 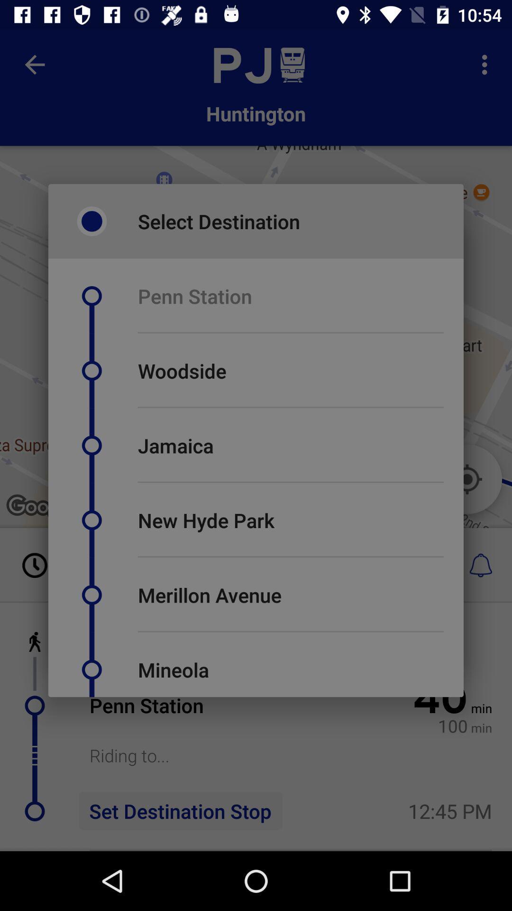 I want to click on the jamaica, so click(x=175, y=445).